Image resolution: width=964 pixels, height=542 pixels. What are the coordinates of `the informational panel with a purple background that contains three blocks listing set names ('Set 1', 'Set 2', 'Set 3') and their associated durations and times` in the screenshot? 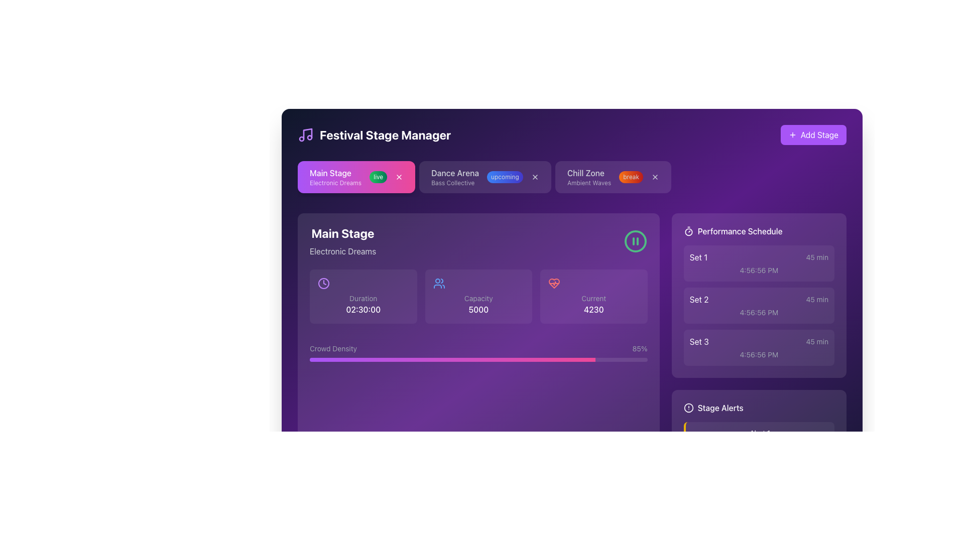 It's located at (759, 295).